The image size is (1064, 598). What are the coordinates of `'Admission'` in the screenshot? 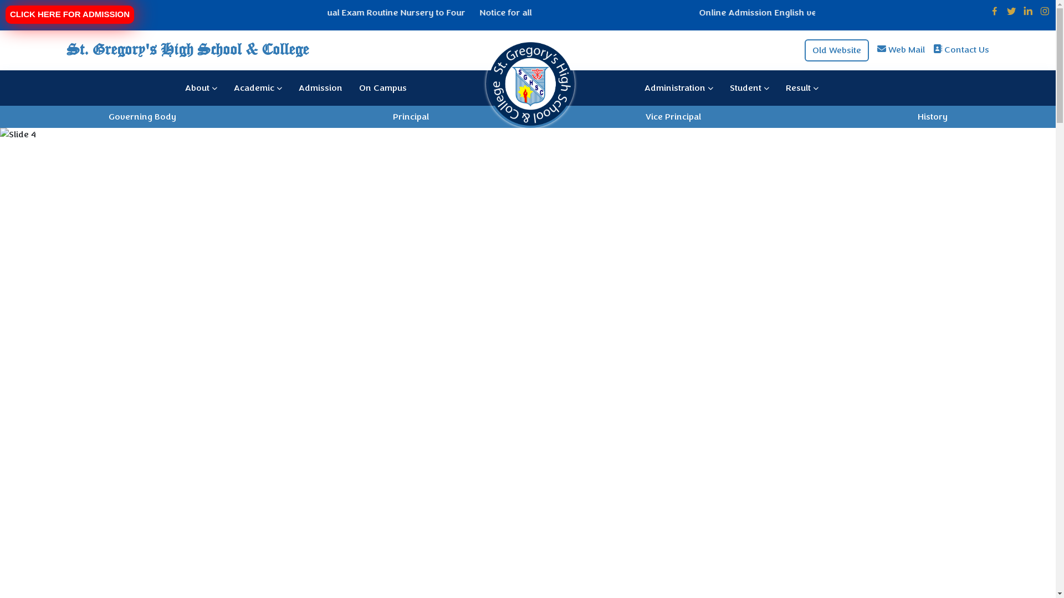 It's located at (320, 87).